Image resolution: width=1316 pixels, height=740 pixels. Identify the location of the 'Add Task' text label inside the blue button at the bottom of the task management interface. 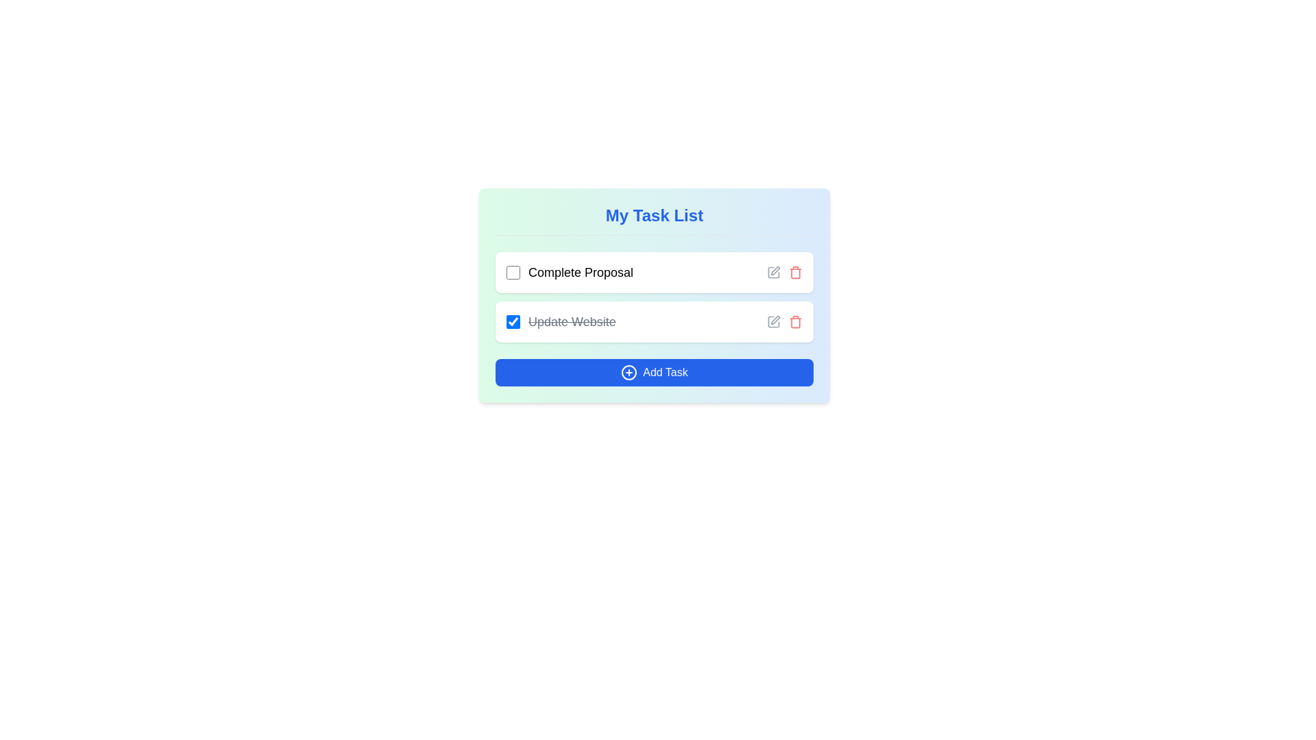
(665, 372).